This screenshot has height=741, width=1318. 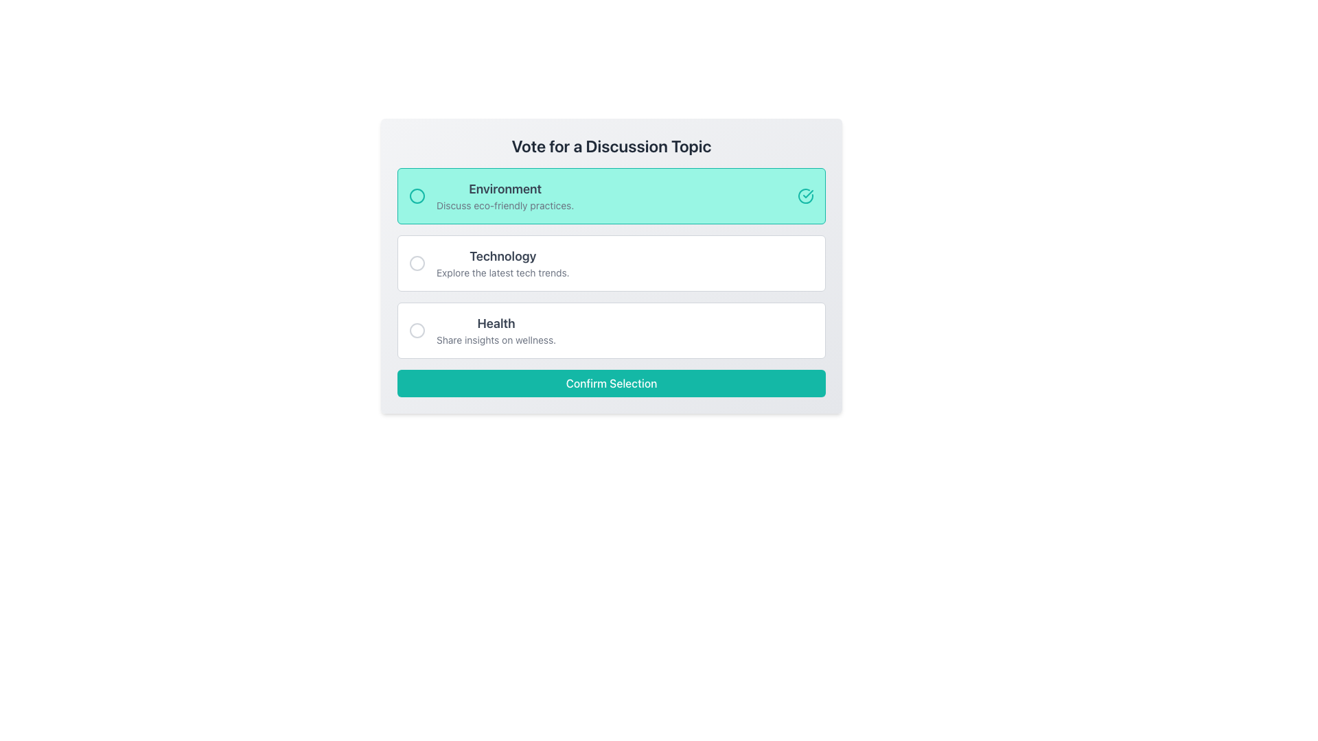 What do you see at coordinates (505, 196) in the screenshot?
I see `text within the selectable list item for the 'Environment' topic, which is the first item in the list under the heading 'Vote for a Discussion Topic.'` at bounding box center [505, 196].